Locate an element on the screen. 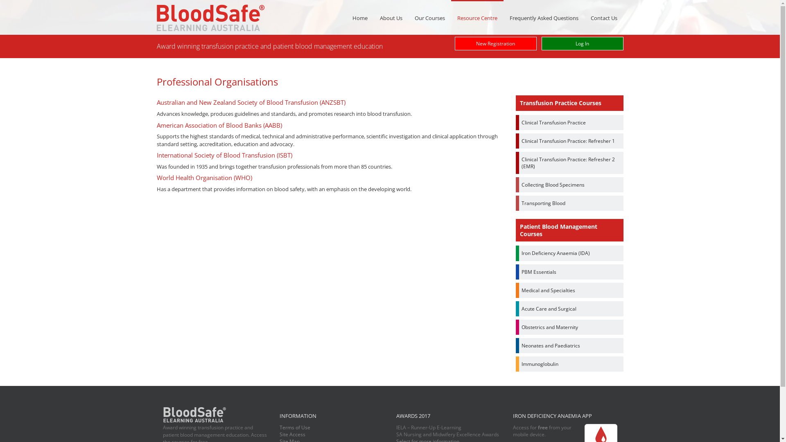 The height and width of the screenshot is (442, 786). 'PBM Essentials' is located at coordinates (569, 272).